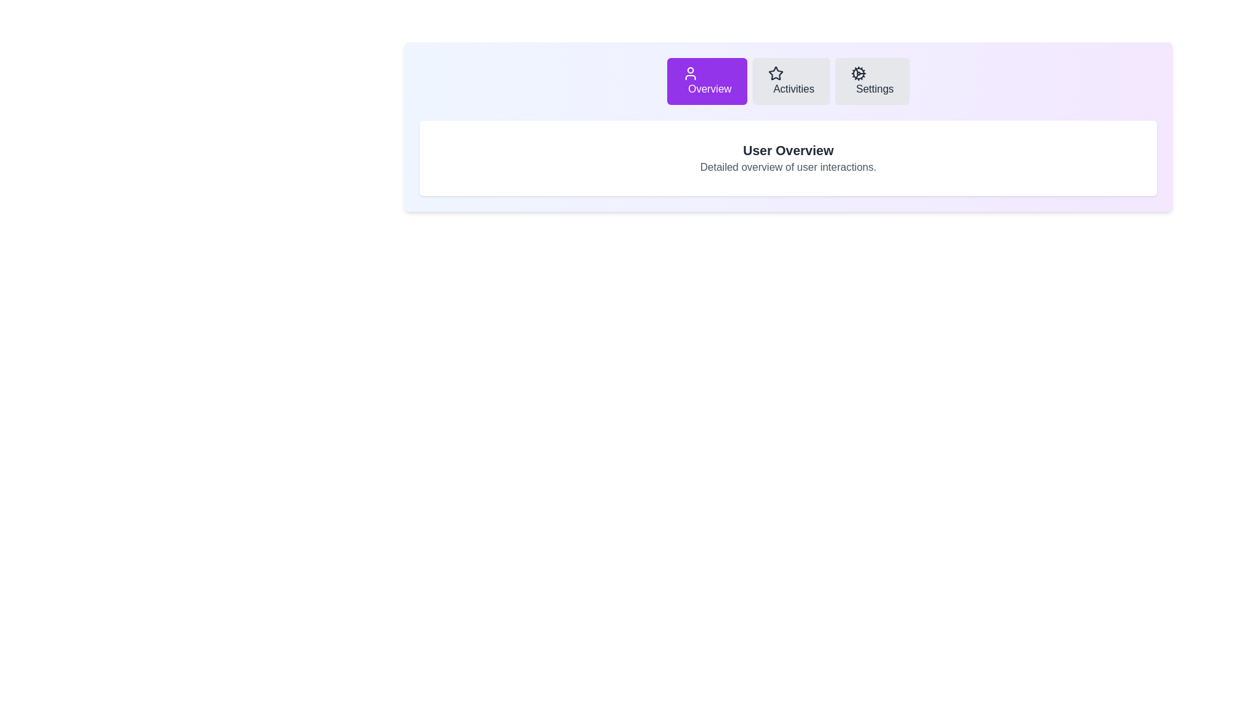 This screenshot has width=1251, height=704. Describe the element at coordinates (787, 150) in the screenshot. I see `the Text label (Header) that serves as the title for the section, located above the subtitle 'Detailed overview of user interactions.'` at that location.